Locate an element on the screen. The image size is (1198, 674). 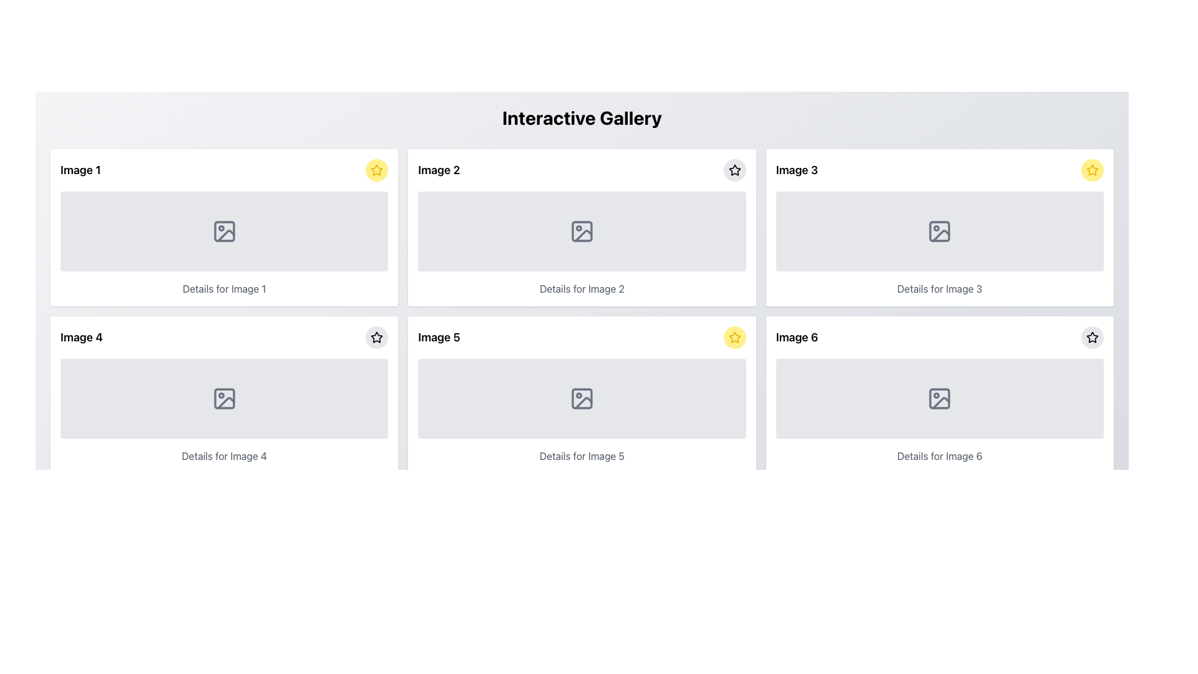
the text label reading 'Details for Image 3', which is centrally aligned below the image placeholder in the lower section of its card is located at coordinates (940, 288).